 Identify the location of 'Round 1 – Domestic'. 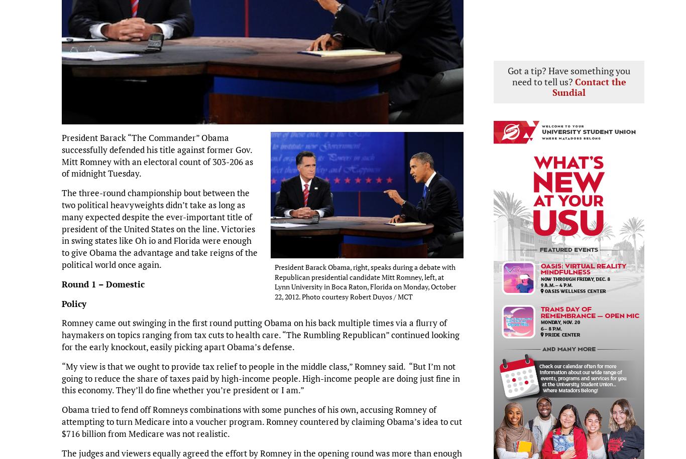
(61, 283).